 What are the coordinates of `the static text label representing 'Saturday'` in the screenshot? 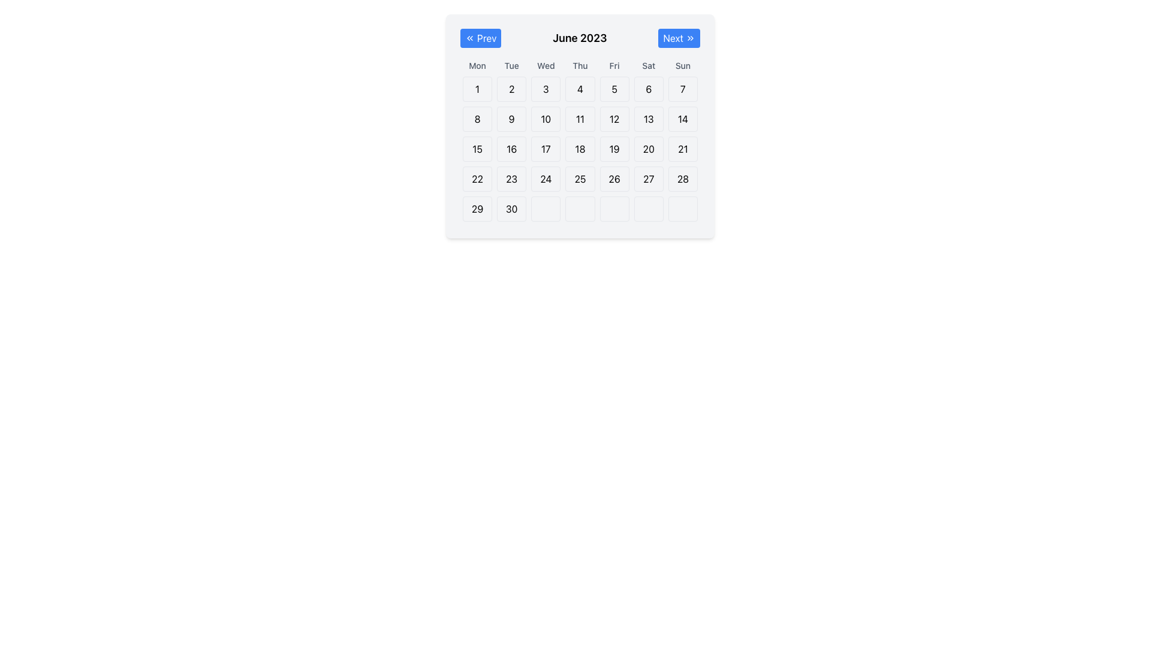 It's located at (648, 66).